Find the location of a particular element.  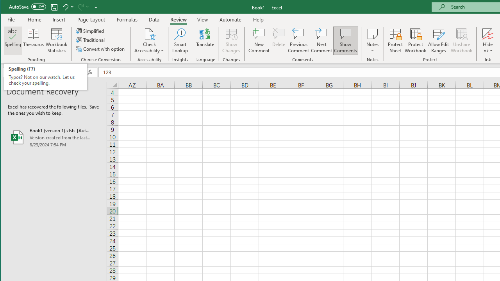

'Workbook Statistics' is located at coordinates (56, 41).